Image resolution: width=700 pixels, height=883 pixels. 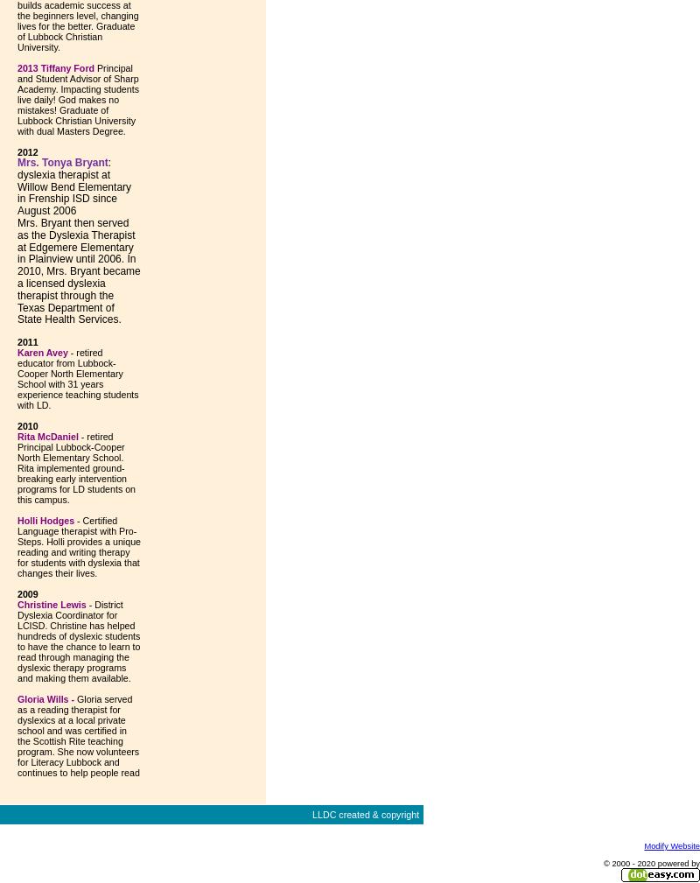 I want to click on 'Mrs. Bryant then served as the Dyslexia Therapist at Edgemere Elementary in Plainview until 2006. In 2010, Mrs. Bryant became a licensed dyslexia therapist through the Texas Department of State Health Services.', so click(x=79, y=270).